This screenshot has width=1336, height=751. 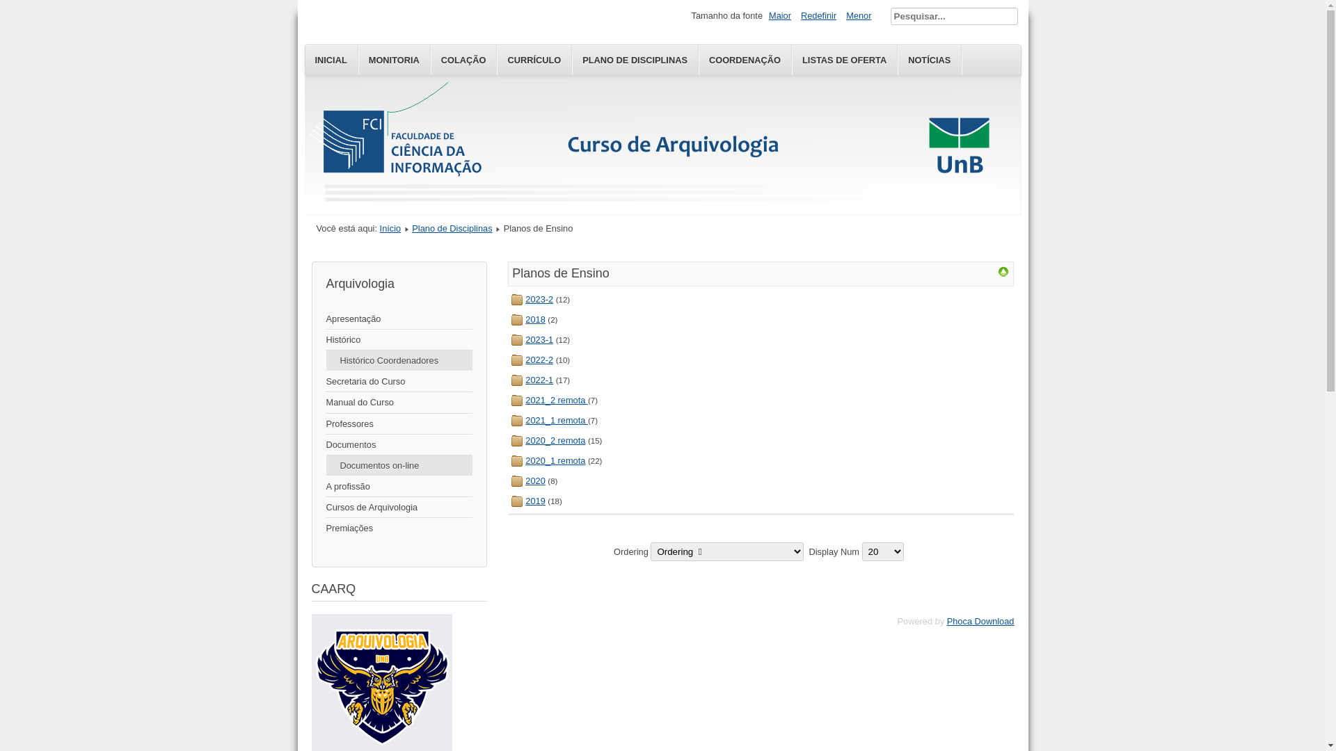 What do you see at coordinates (946, 620) in the screenshot?
I see `'Phoca Download'` at bounding box center [946, 620].